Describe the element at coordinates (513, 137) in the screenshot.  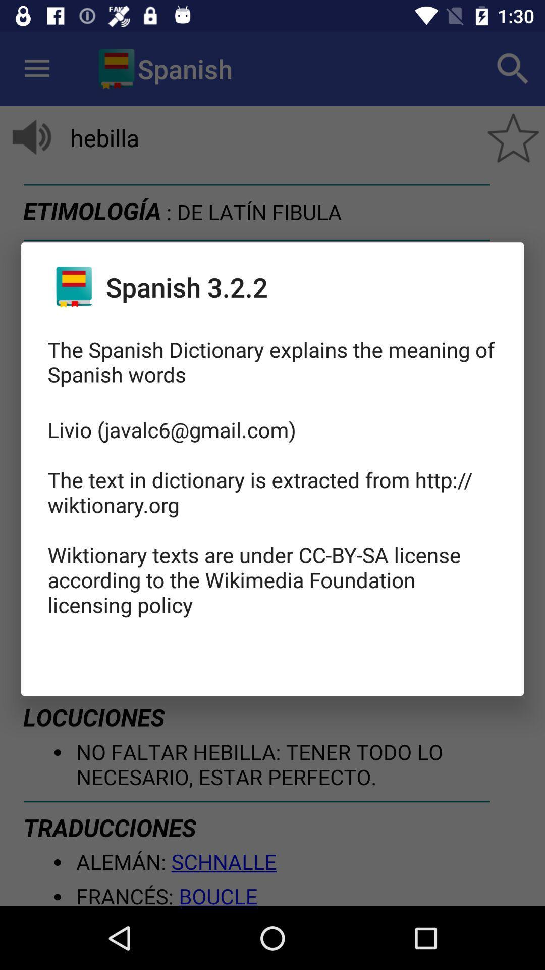
I see `the star icon` at that location.